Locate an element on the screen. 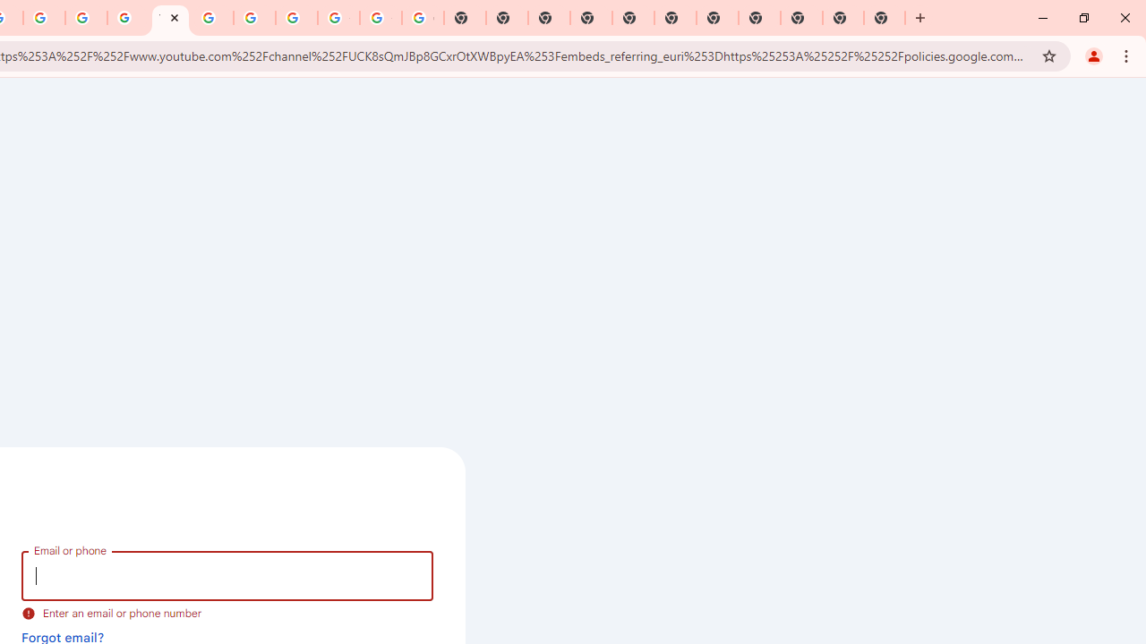  'New Tab' is located at coordinates (885, 18).